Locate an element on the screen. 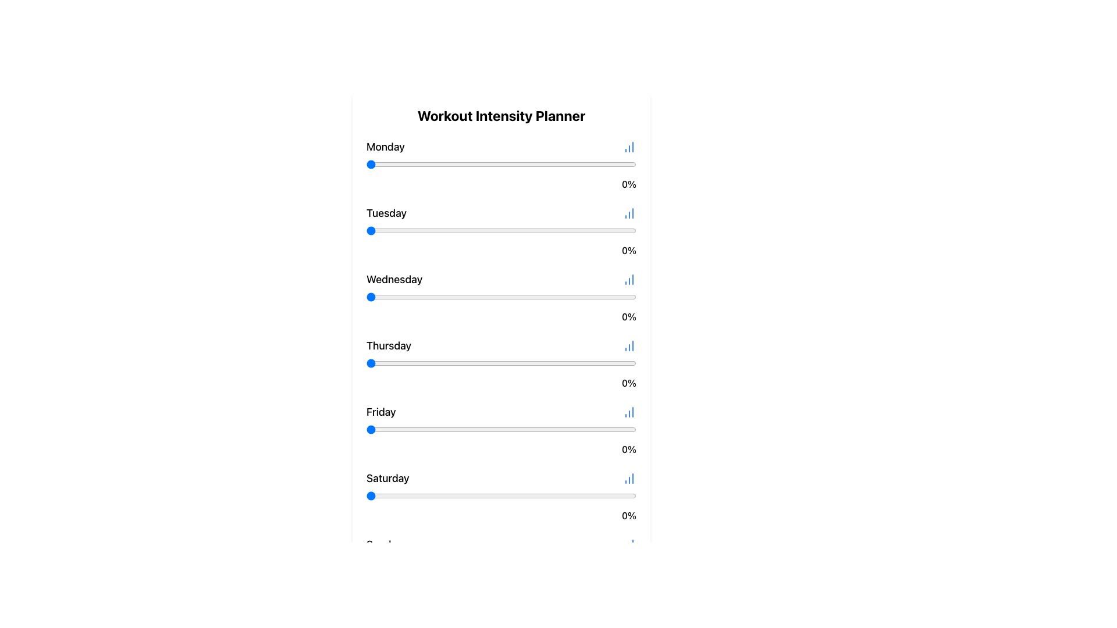 The width and height of the screenshot is (1117, 628). the track of the Slider (Range Input) to set the value, which is the seventh interactive element positioned below the 'Friday' label and above the '0%' text is located at coordinates (501, 430).